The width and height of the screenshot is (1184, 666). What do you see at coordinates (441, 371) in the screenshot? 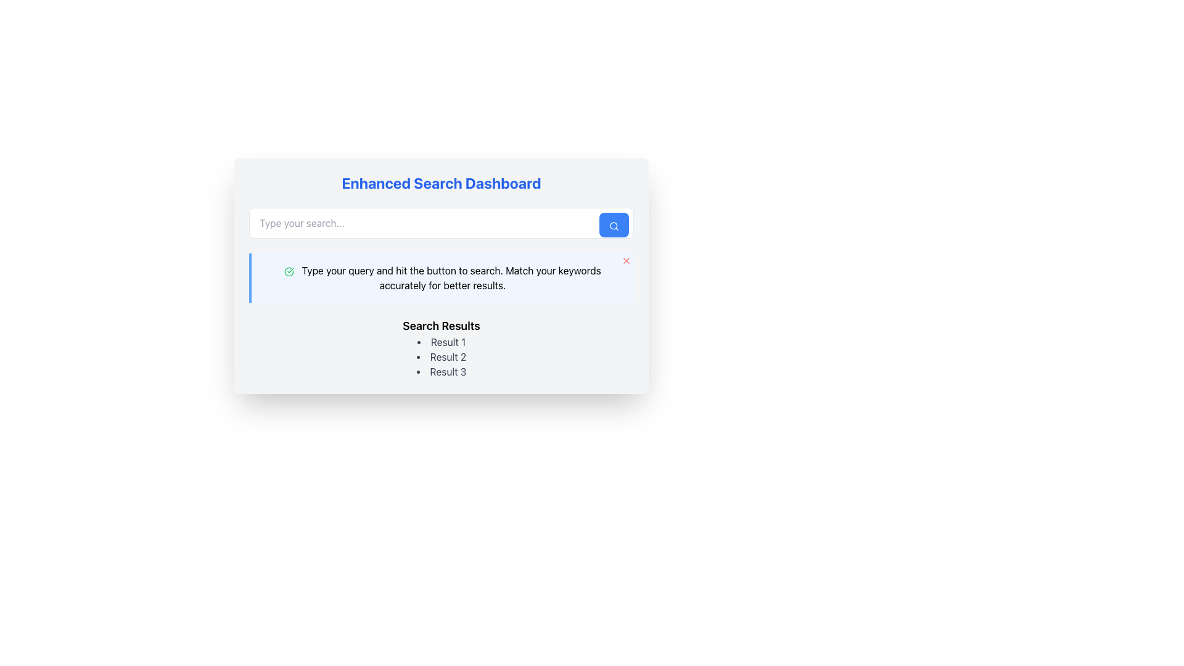
I see `the non-interactive text display 'Result 3', which is the third item in the 'Search Results' section` at bounding box center [441, 371].